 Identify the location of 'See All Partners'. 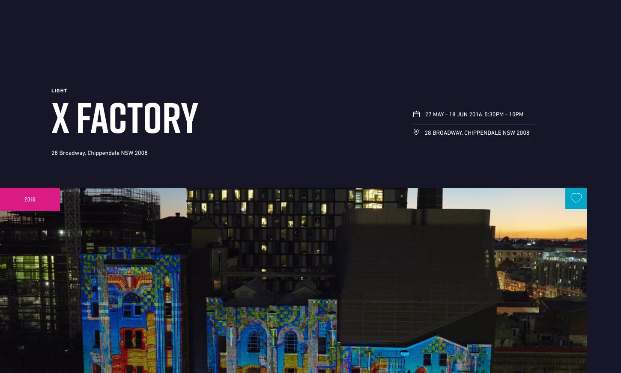
(507, 352).